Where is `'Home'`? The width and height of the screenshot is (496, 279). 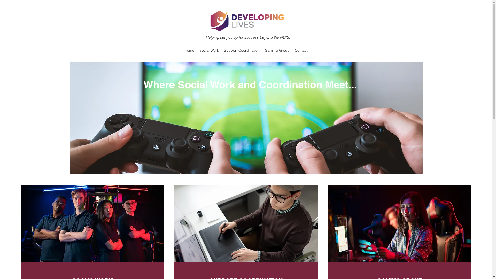
'Home' is located at coordinates (182, 50).